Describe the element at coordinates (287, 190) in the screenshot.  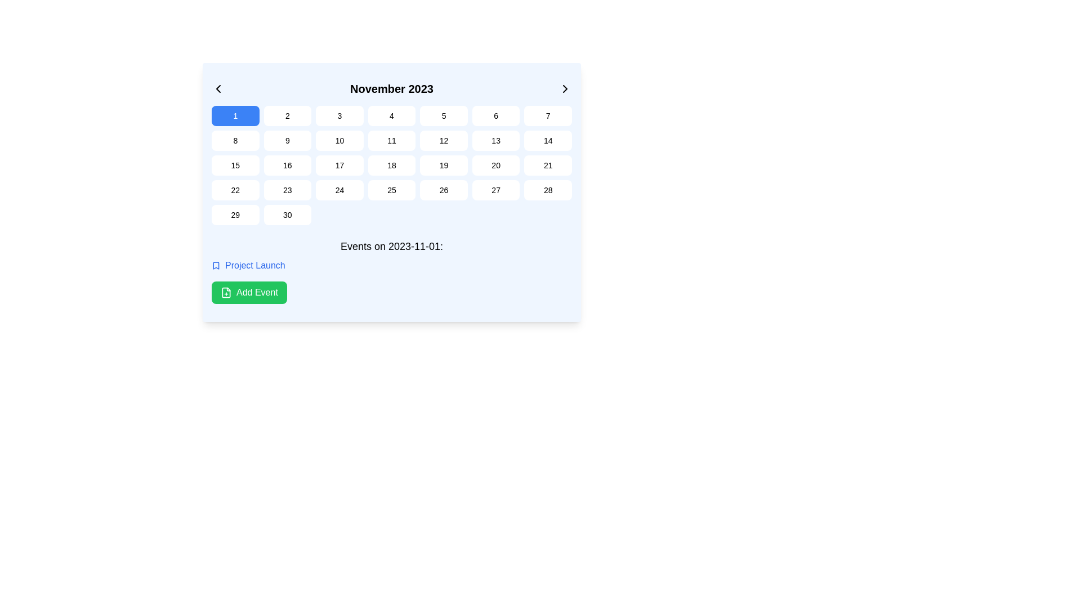
I see `the calendar date button representing the date '23' in the fifth column of the fourth row under 'November 2023'` at that location.